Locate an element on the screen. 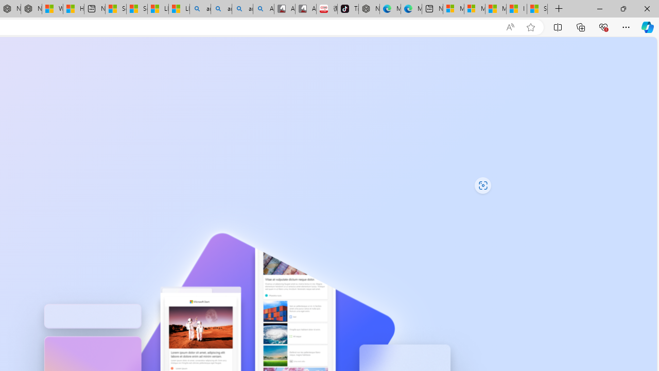 This screenshot has height=371, width=659. 'Microsoft account | Privacy' is located at coordinates (474, 9).